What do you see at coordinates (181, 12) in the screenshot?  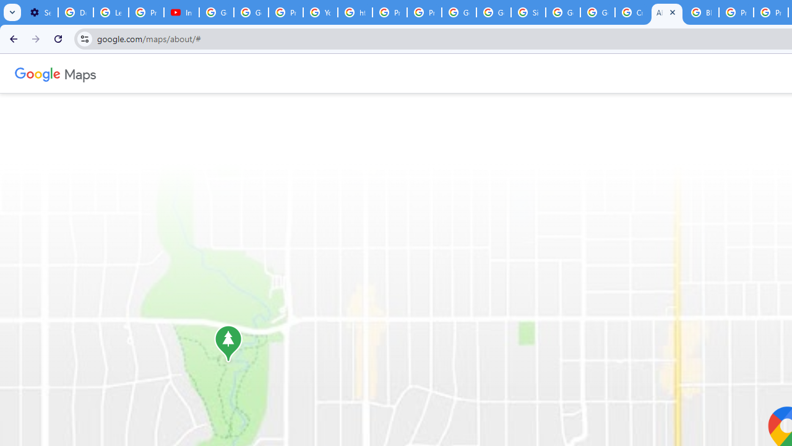 I see `'Introduction | Google Privacy Policy - YouTube'` at bounding box center [181, 12].